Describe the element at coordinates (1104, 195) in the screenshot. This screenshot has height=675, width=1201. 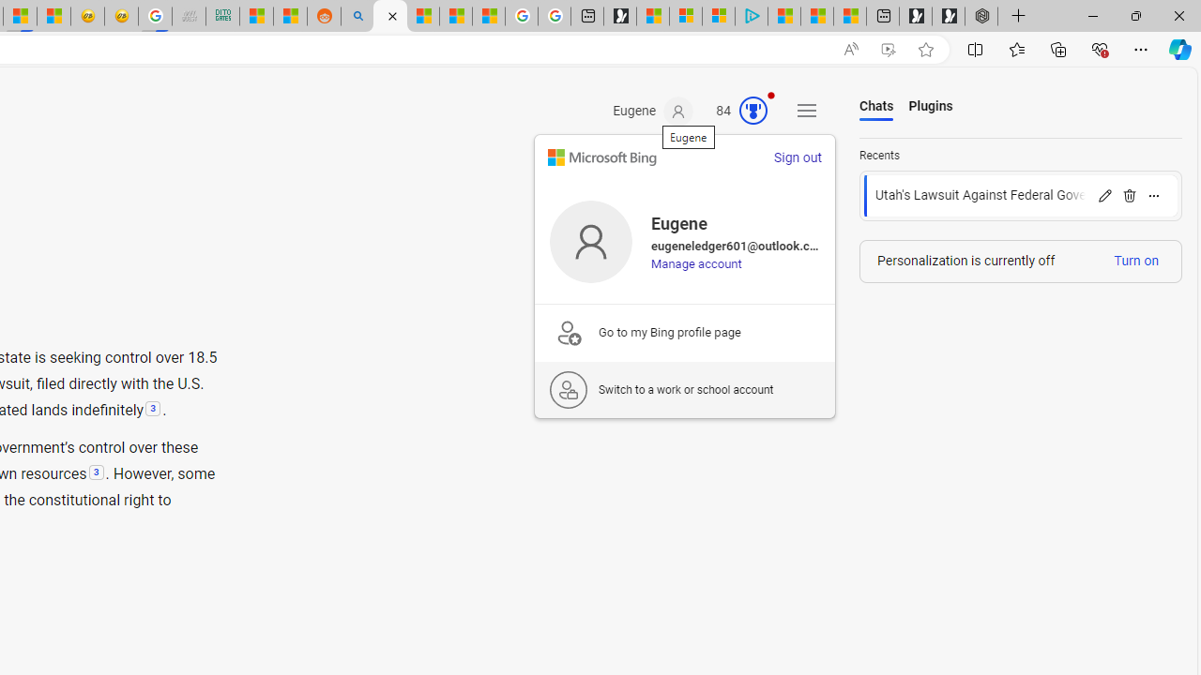
I see `'Rename'` at that location.